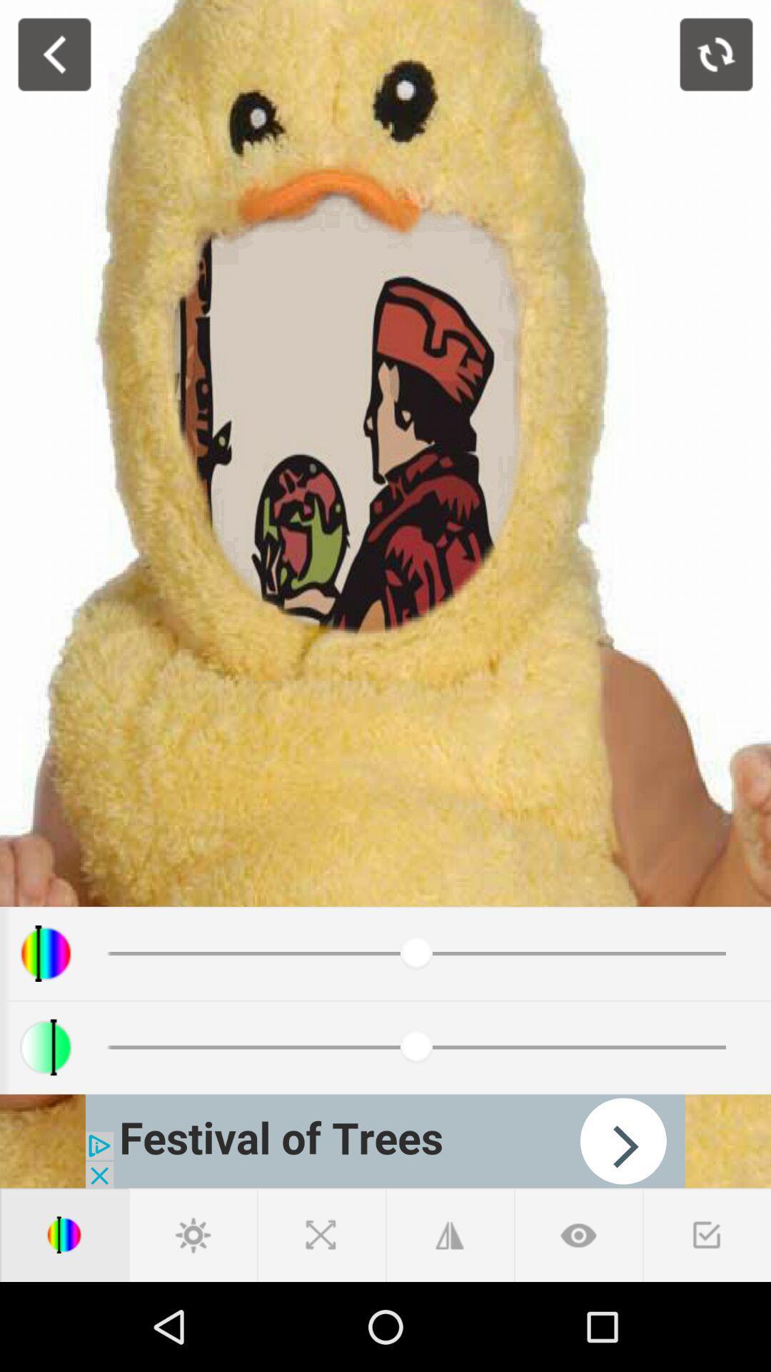 The height and width of the screenshot is (1372, 771). What do you see at coordinates (716, 54) in the screenshot?
I see `rotate image` at bounding box center [716, 54].